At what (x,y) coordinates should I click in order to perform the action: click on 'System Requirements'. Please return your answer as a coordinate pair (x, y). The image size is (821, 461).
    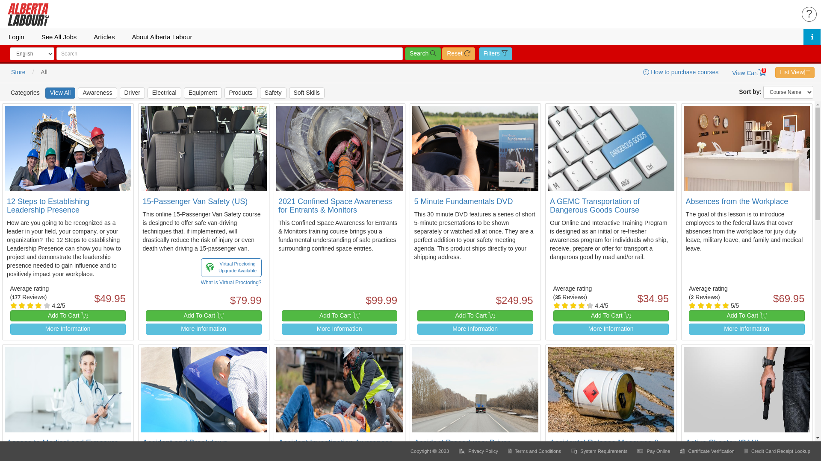
    Looking at the image, I should click on (599, 450).